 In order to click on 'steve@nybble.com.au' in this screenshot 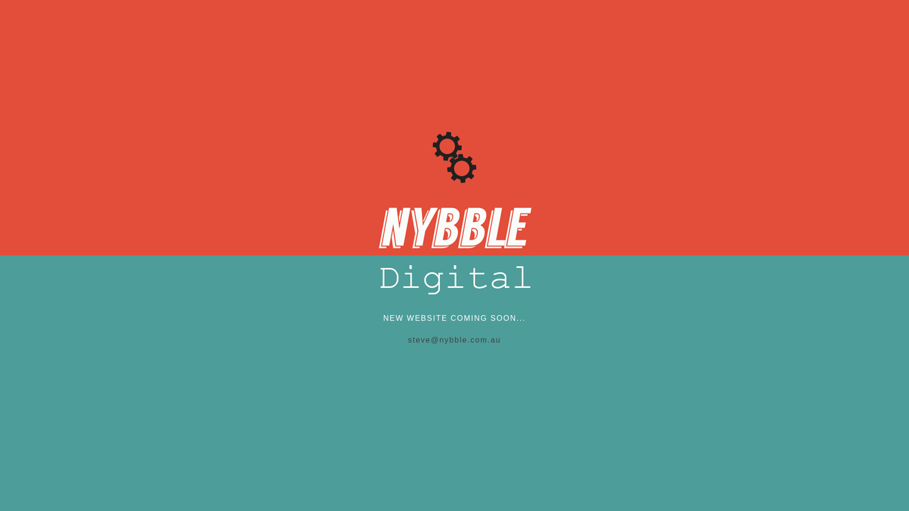, I will do `click(454, 339)`.